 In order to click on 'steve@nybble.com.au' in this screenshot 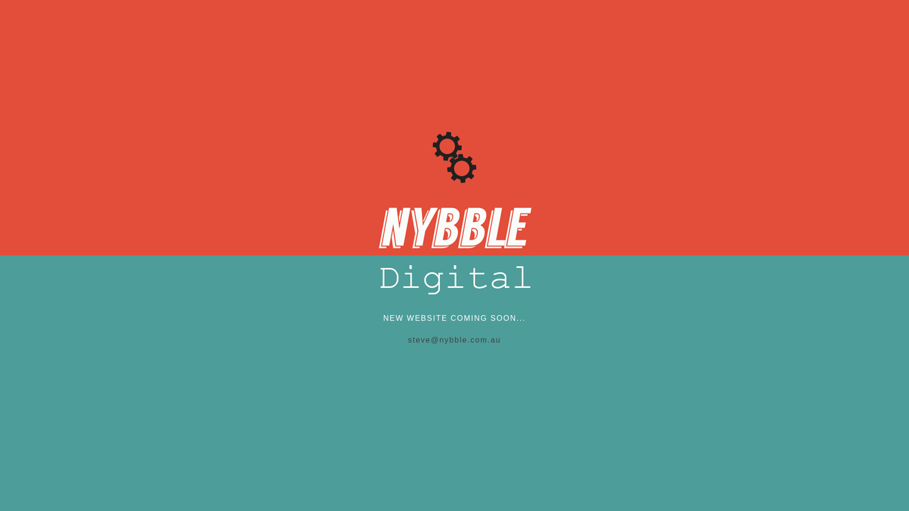, I will do `click(454, 339)`.